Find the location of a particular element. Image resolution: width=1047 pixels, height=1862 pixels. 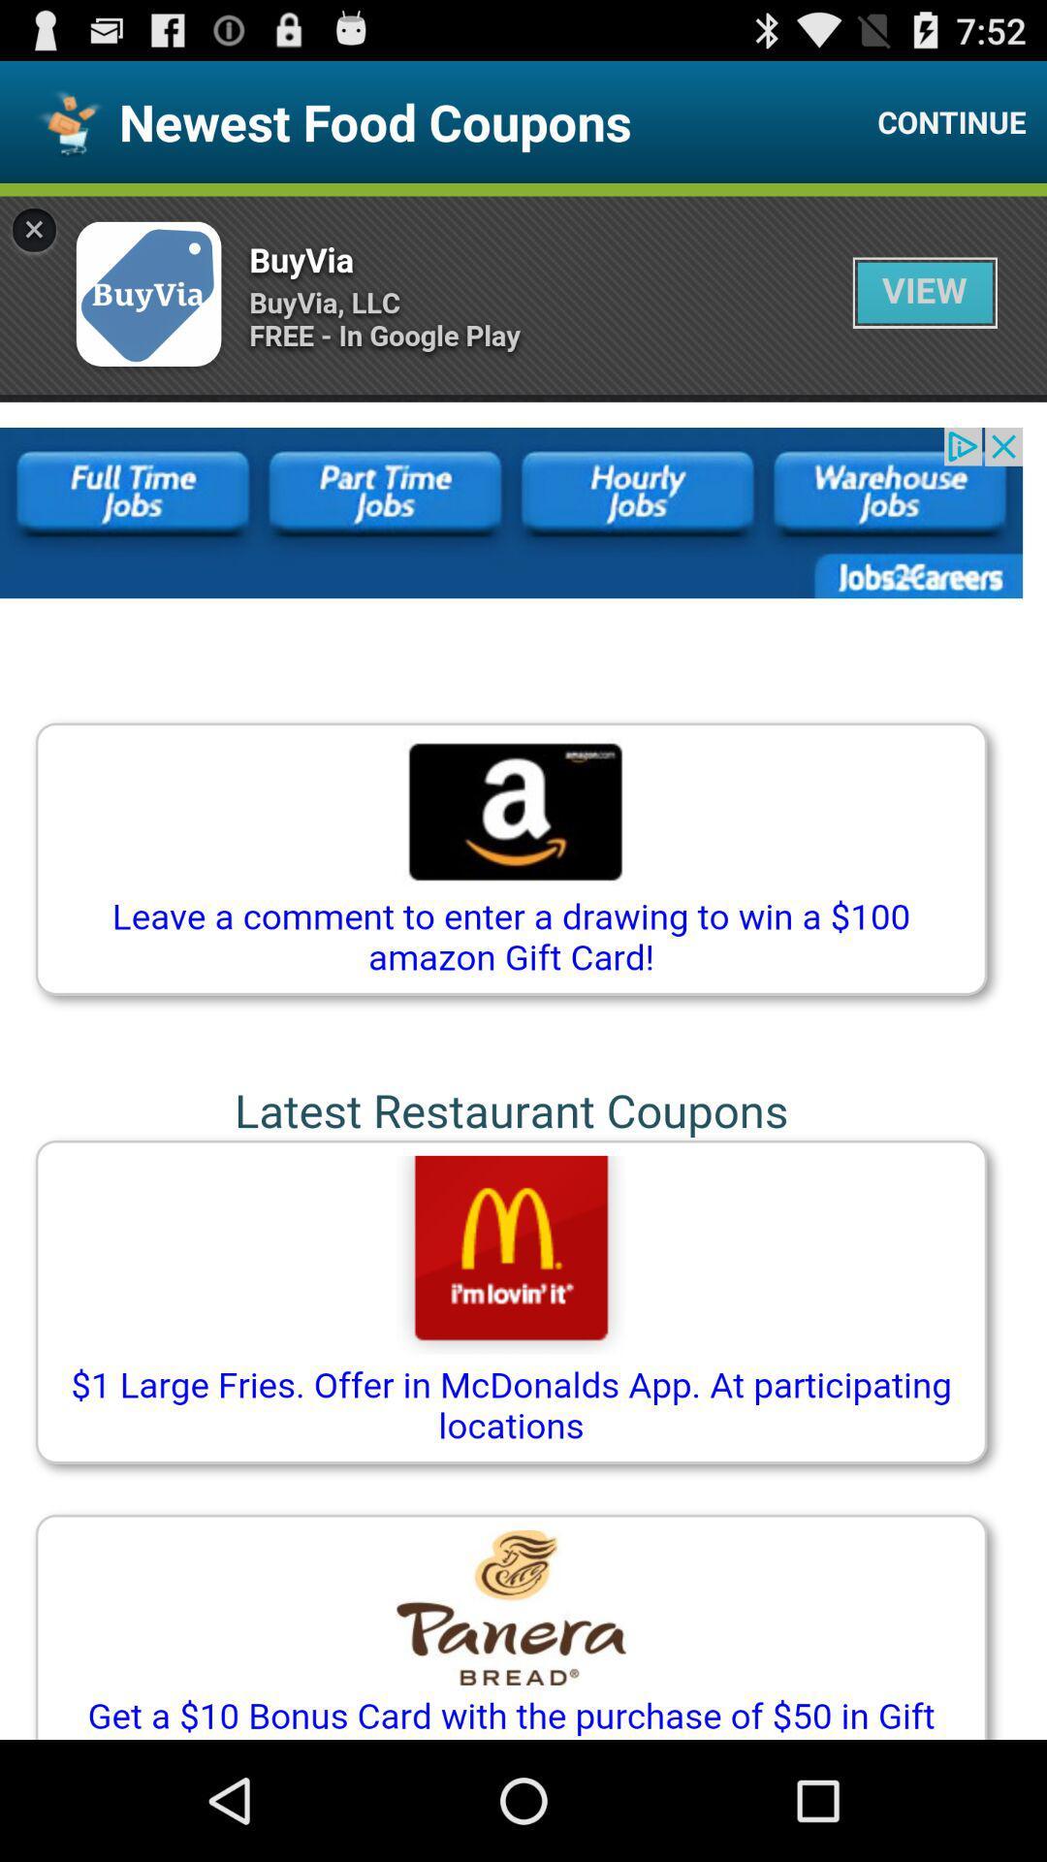

from rewards and coupons is located at coordinates (523, 961).